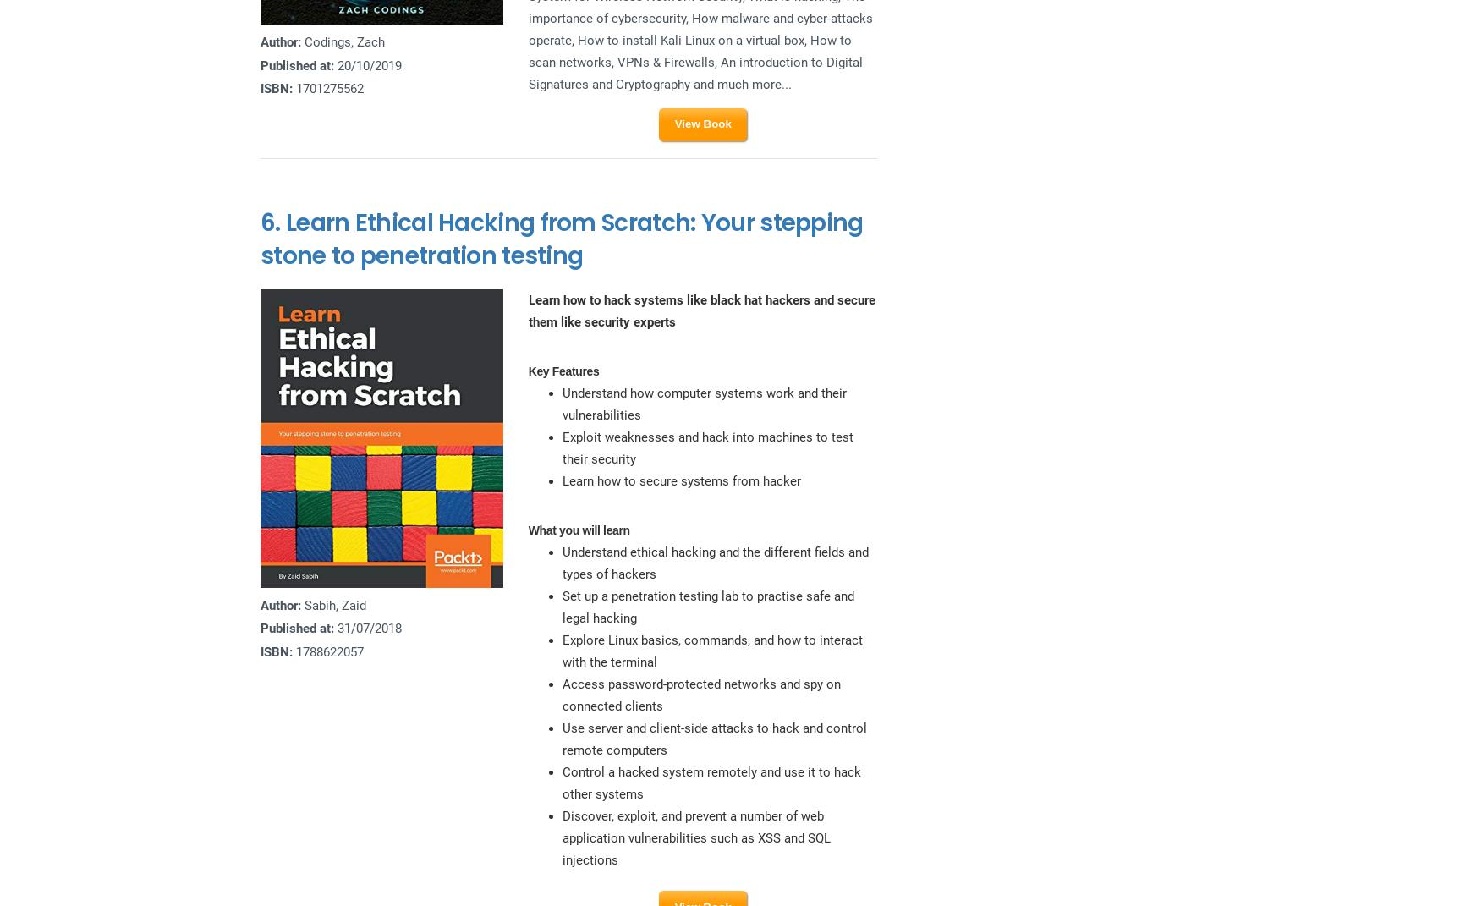 Image resolution: width=1460 pixels, height=906 pixels. Describe the element at coordinates (680, 481) in the screenshot. I see `'Learn how to secure systems from hacker'` at that location.